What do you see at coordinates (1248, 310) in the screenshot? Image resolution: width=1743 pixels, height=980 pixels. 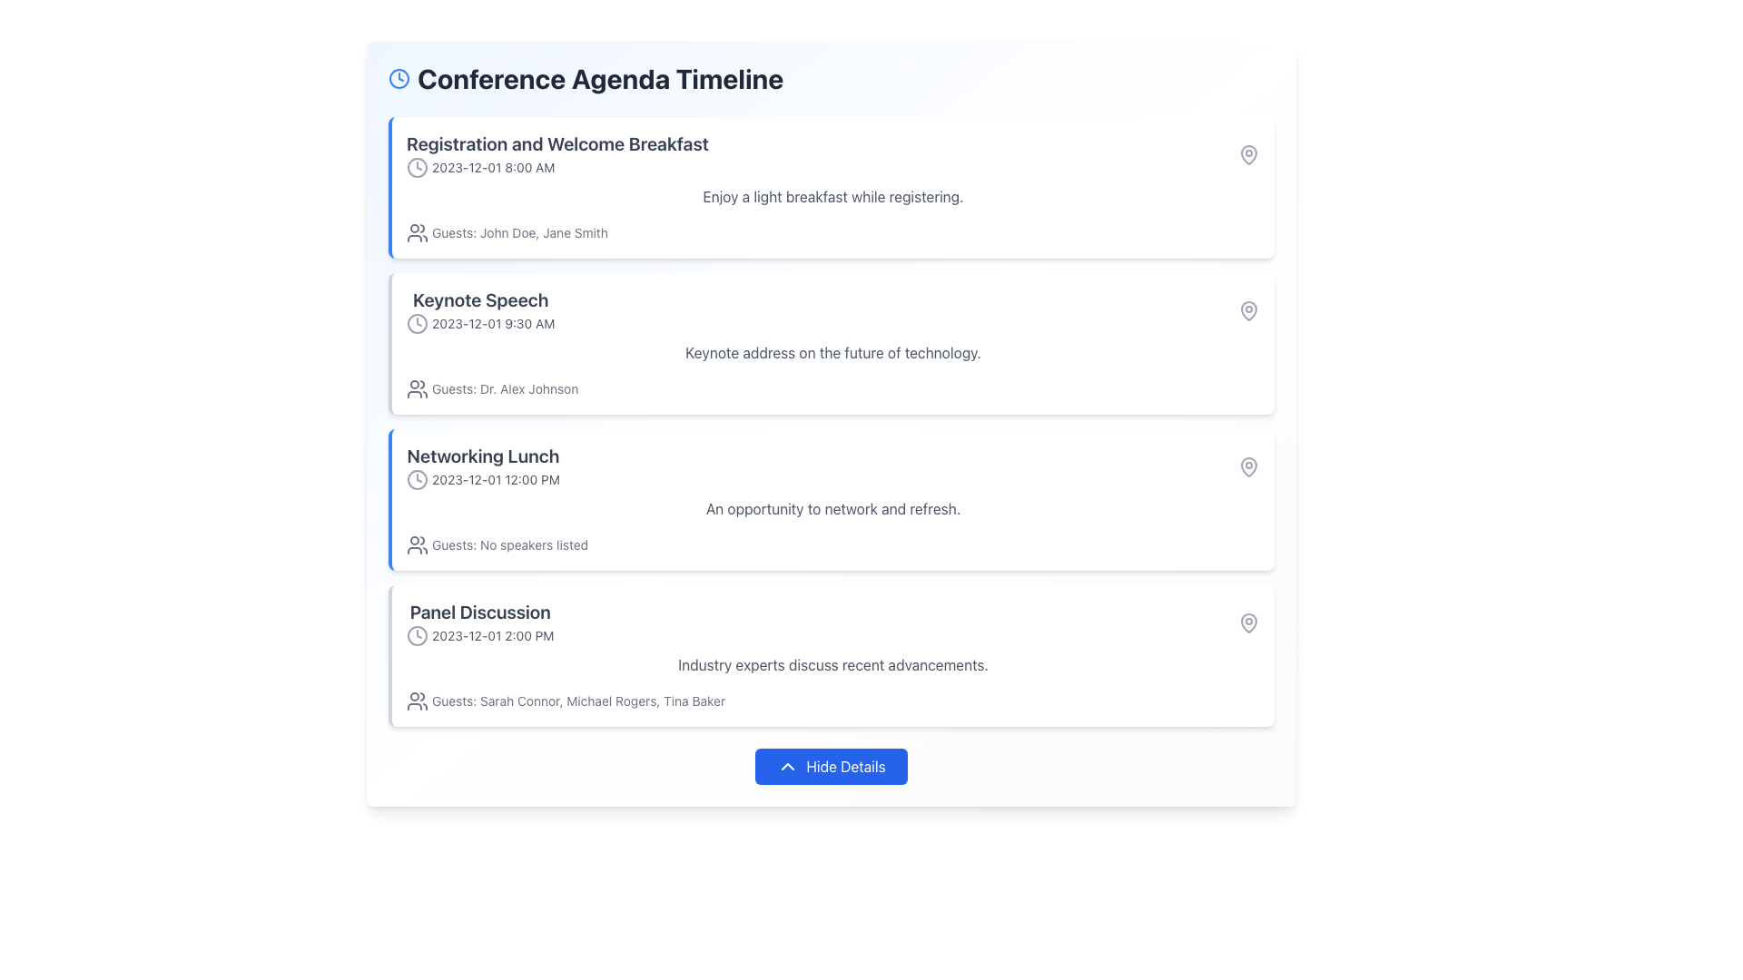 I see `the gray map pin icon located in the 'Keynote Speech' section of the agenda timeline` at bounding box center [1248, 310].